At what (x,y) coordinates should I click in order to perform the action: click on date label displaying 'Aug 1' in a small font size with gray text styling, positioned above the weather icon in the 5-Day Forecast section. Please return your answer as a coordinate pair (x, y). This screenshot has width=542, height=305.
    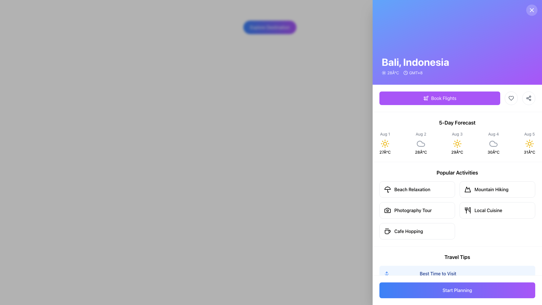
    Looking at the image, I should click on (384, 134).